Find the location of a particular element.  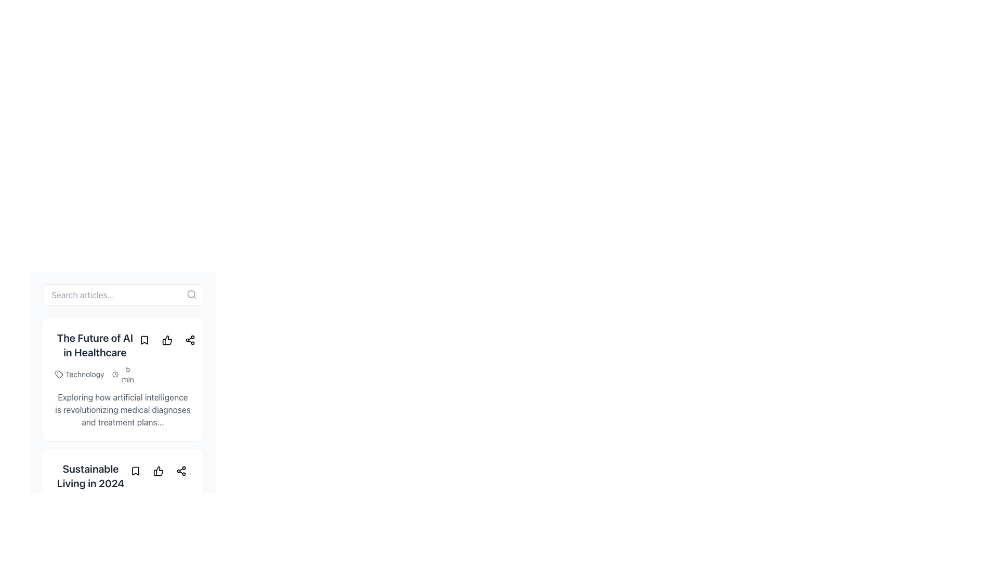

block of gray text stating "Exploring how artificial intelligence is revolutionizing medical diagnoses and treatment plans..." located centrally within the second section of the card component, below the title "The Future of AI in Healthcare." is located at coordinates (123, 409).